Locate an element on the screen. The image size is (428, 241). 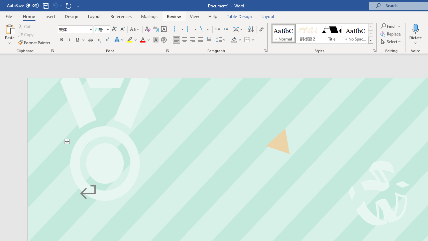
'Can' is located at coordinates (55, 5).